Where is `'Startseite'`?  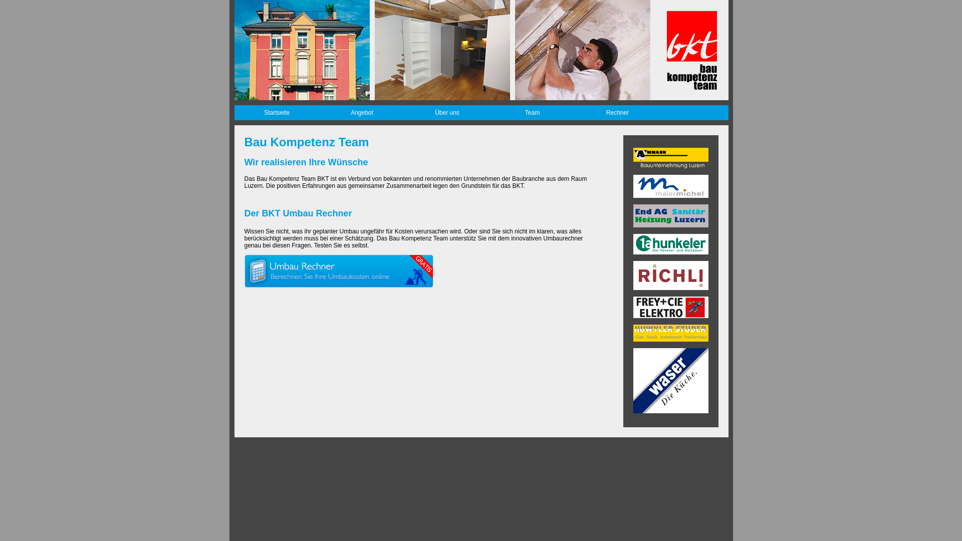
'Startseite' is located at coordinates (277, 112).